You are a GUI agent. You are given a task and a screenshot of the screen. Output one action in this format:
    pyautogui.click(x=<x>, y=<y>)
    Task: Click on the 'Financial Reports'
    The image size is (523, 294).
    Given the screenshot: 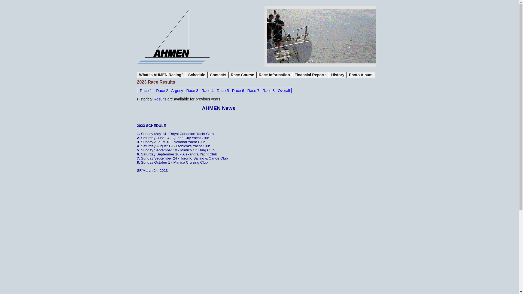 What is the action you would take?
    pyautogui.click(x=311, y=75)
    